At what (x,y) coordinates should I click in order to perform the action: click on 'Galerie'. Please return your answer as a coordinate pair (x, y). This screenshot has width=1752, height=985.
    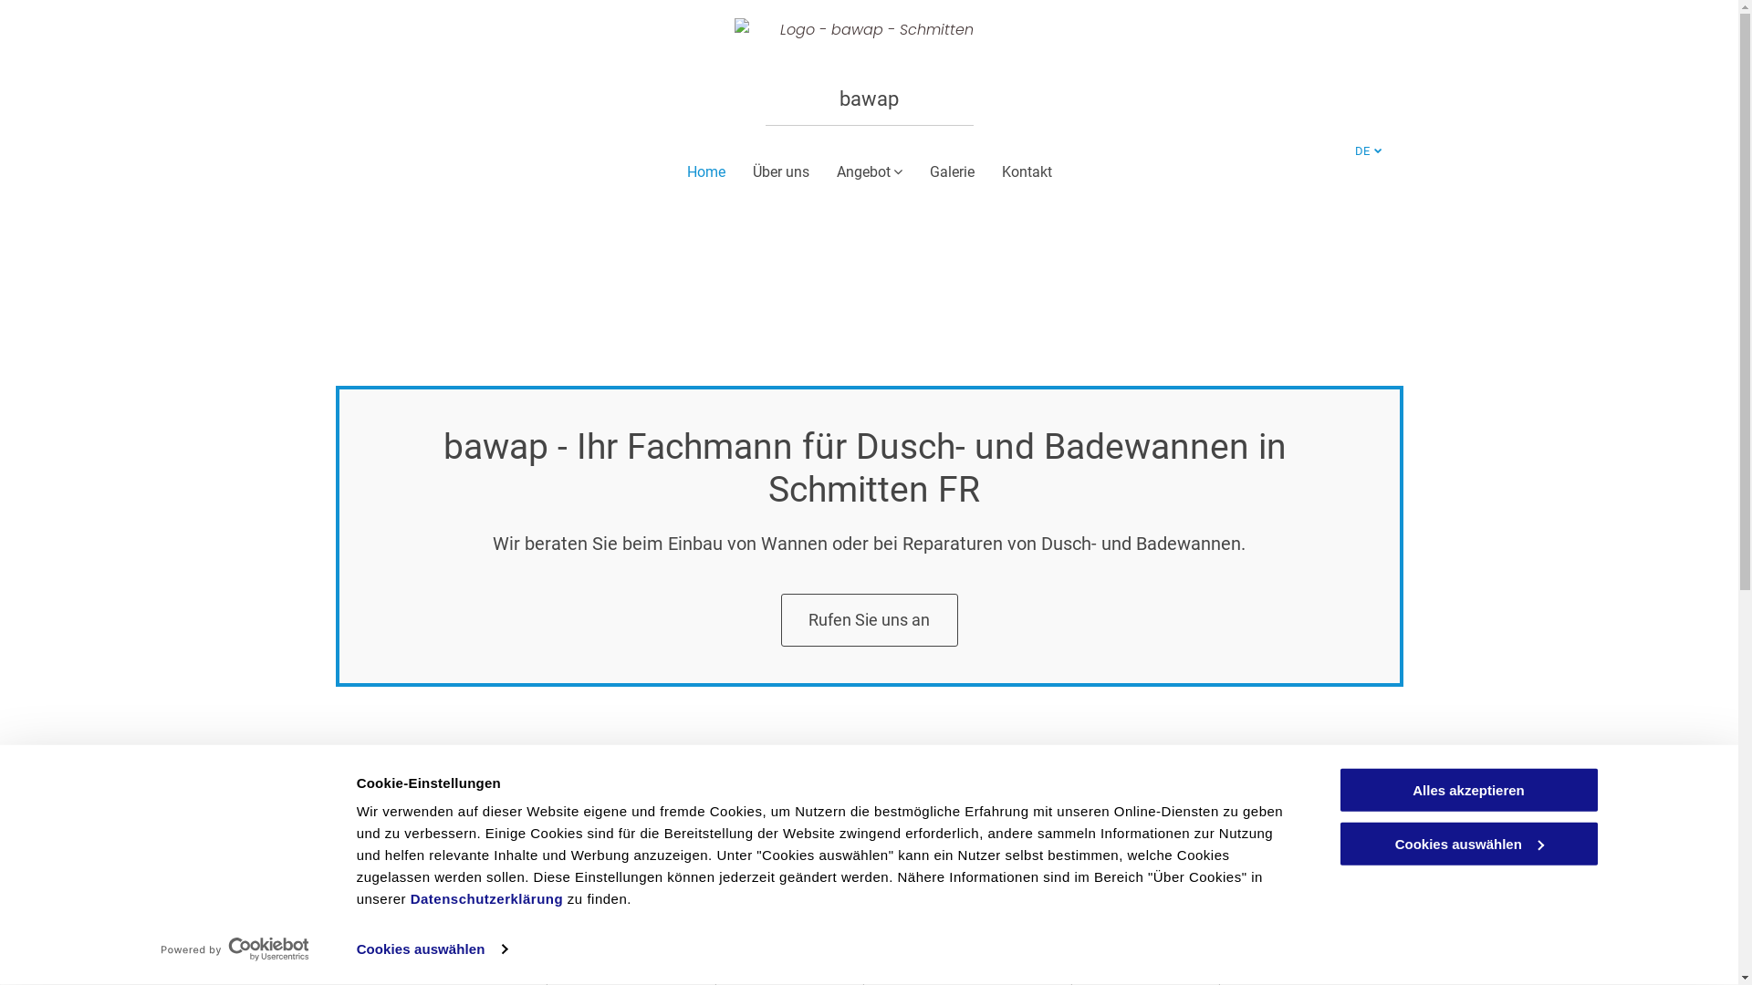
    Looking at the image, I should click on (950, 171).